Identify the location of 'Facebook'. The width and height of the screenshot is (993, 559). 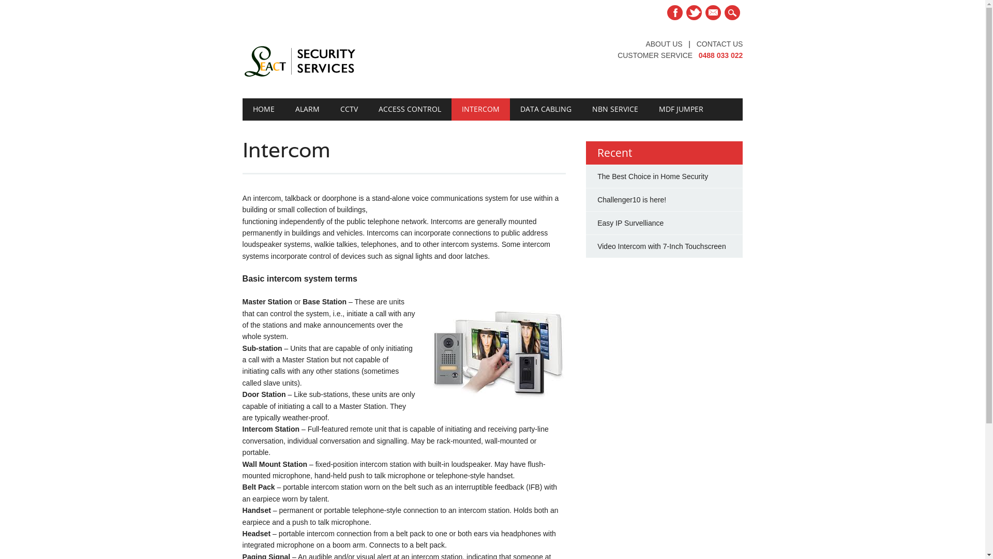
(675, 12).